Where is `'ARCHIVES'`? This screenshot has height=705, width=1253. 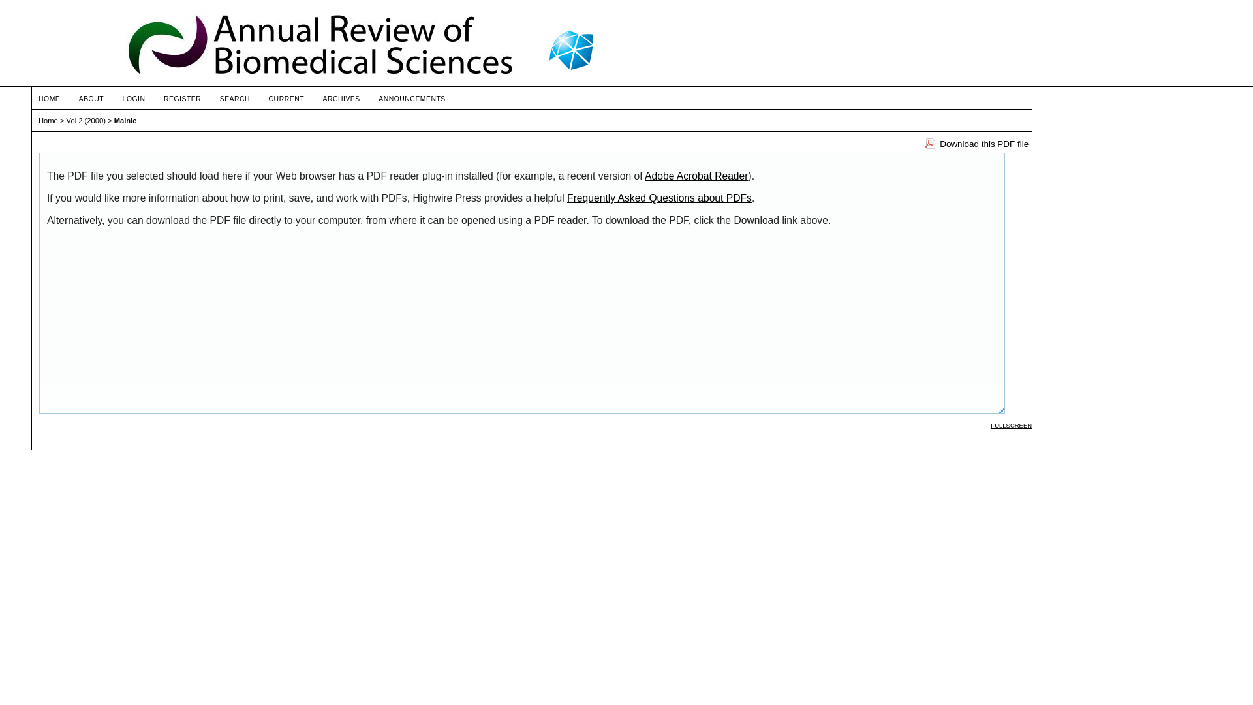
'ARCHIVES' is located at coordinates (341, 98).